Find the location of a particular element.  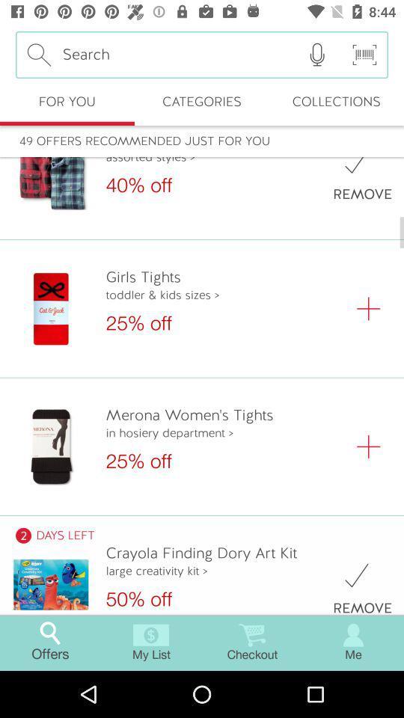

icon to the right of the search item is located at coordinates (316, 55).